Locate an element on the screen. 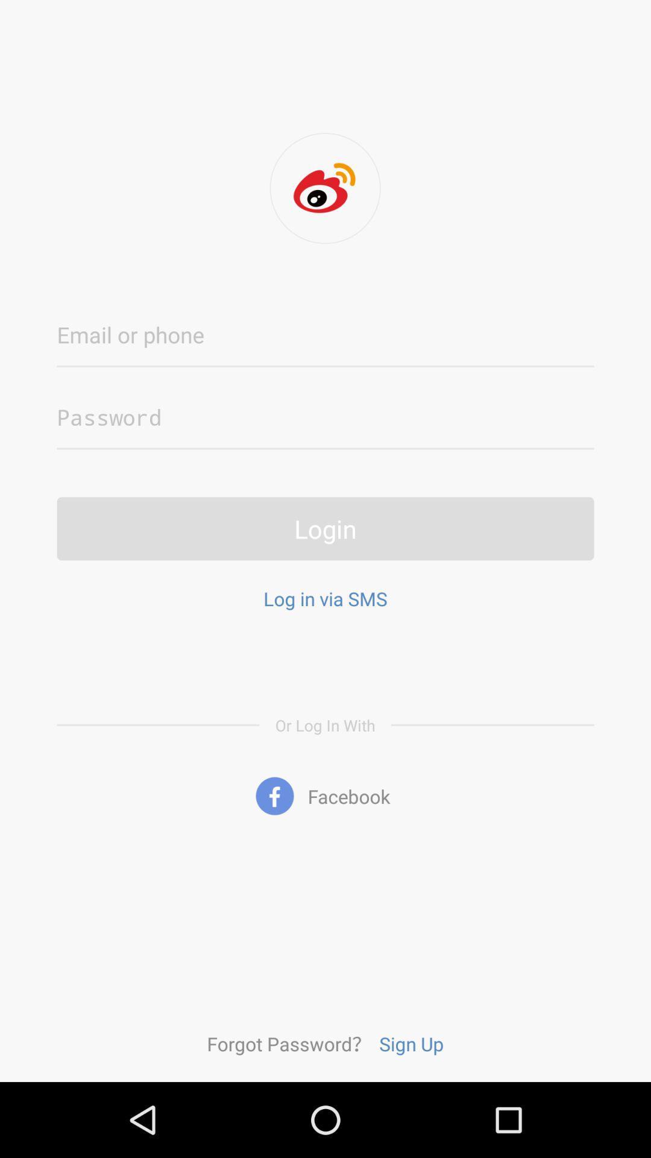 The image size is (651, 1158). icon below or log in is located at coordinates (325, 796).